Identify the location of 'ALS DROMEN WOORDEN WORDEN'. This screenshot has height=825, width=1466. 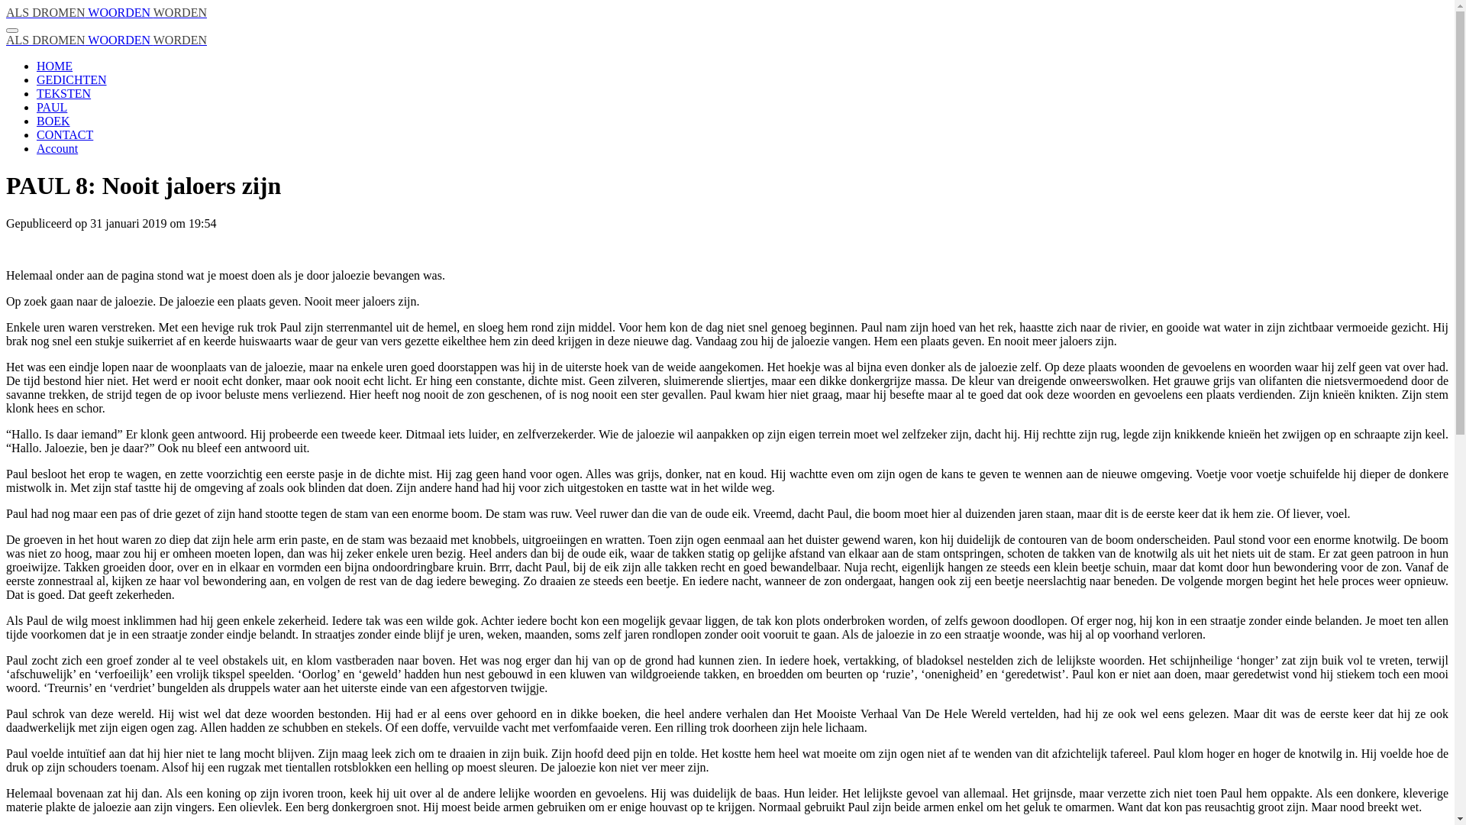
(105, 39).